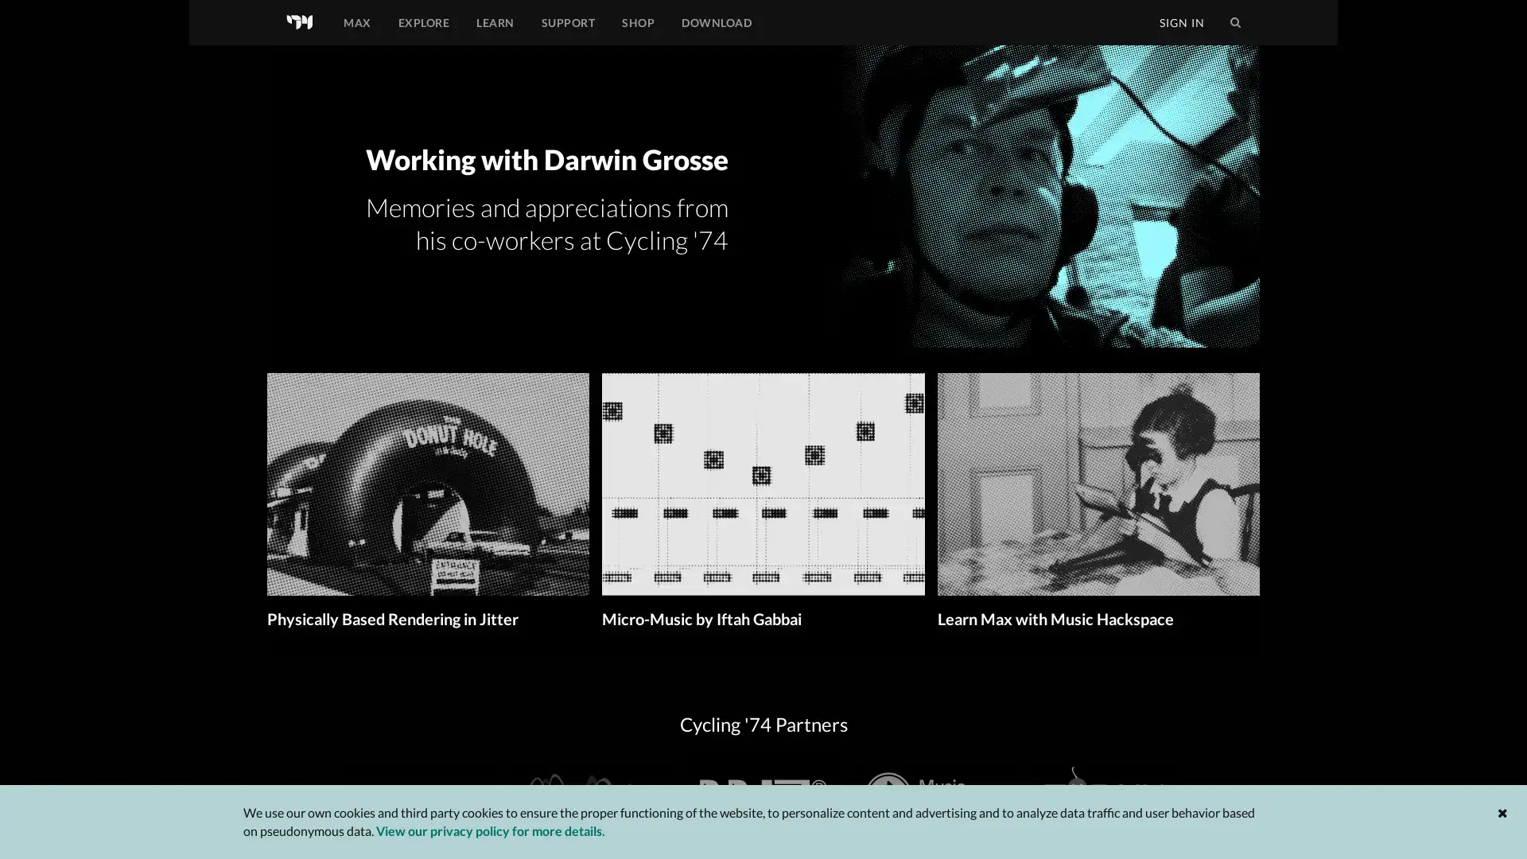 This screenshot has height=859, width=1527. Describe the element at coordinates (1182, 23) in the screenshot. I see `SIGN IN` at that location.